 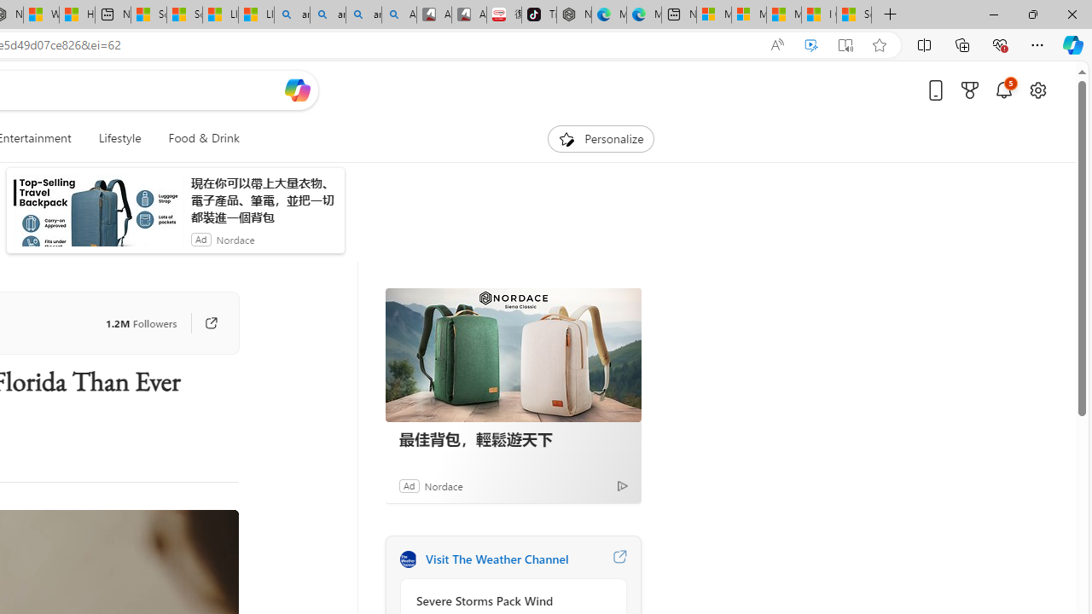 What do you see at coordinates (819, 14) in the screenshot?
I see `'I Gained 20 Pounds of Muscle in 30 Days! | Watch'` at bounding box center [819, 14].